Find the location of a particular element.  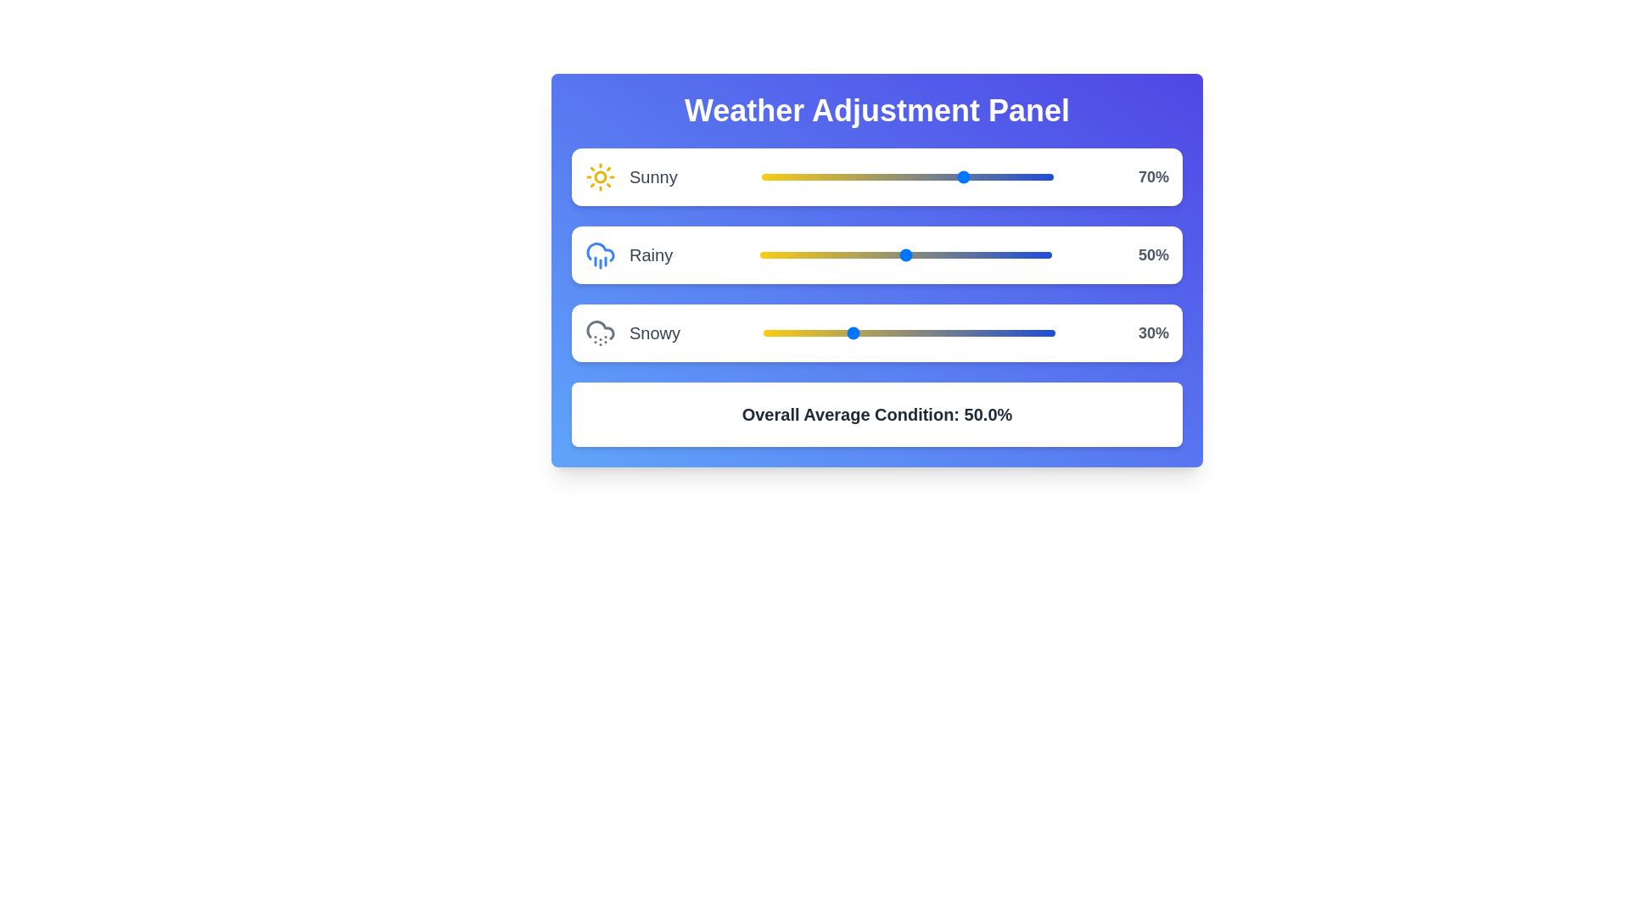

the snowy condition percentage is located at coordinates (848, 333).